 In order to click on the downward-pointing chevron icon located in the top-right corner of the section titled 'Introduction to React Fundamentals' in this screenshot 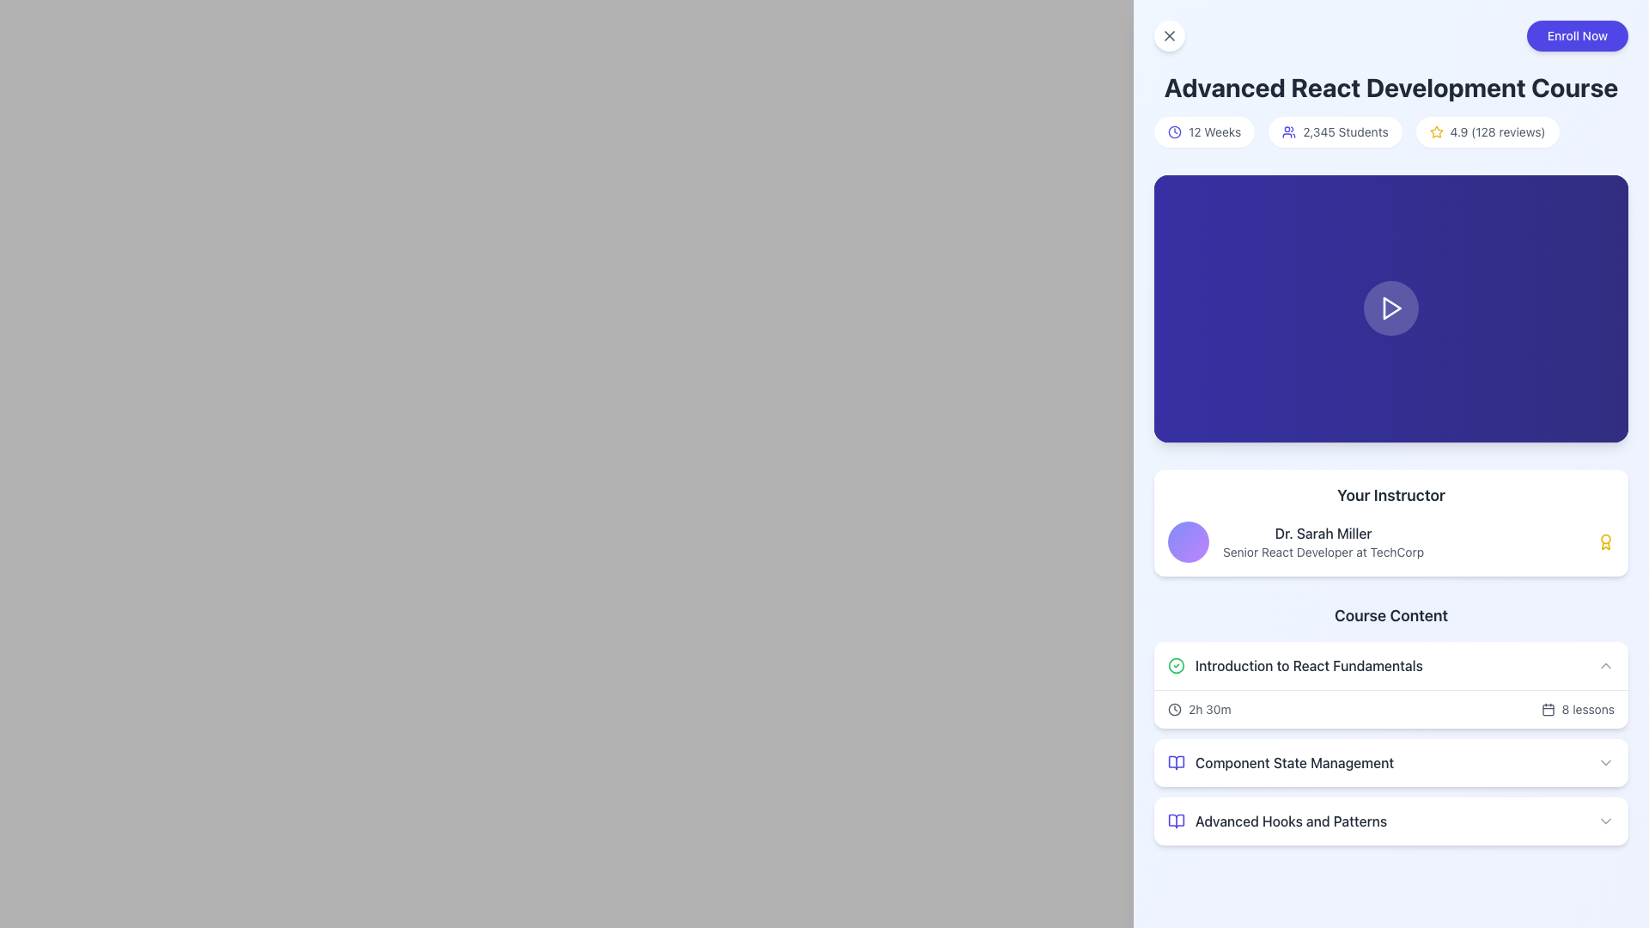, I will do `click(1605, 664)`.